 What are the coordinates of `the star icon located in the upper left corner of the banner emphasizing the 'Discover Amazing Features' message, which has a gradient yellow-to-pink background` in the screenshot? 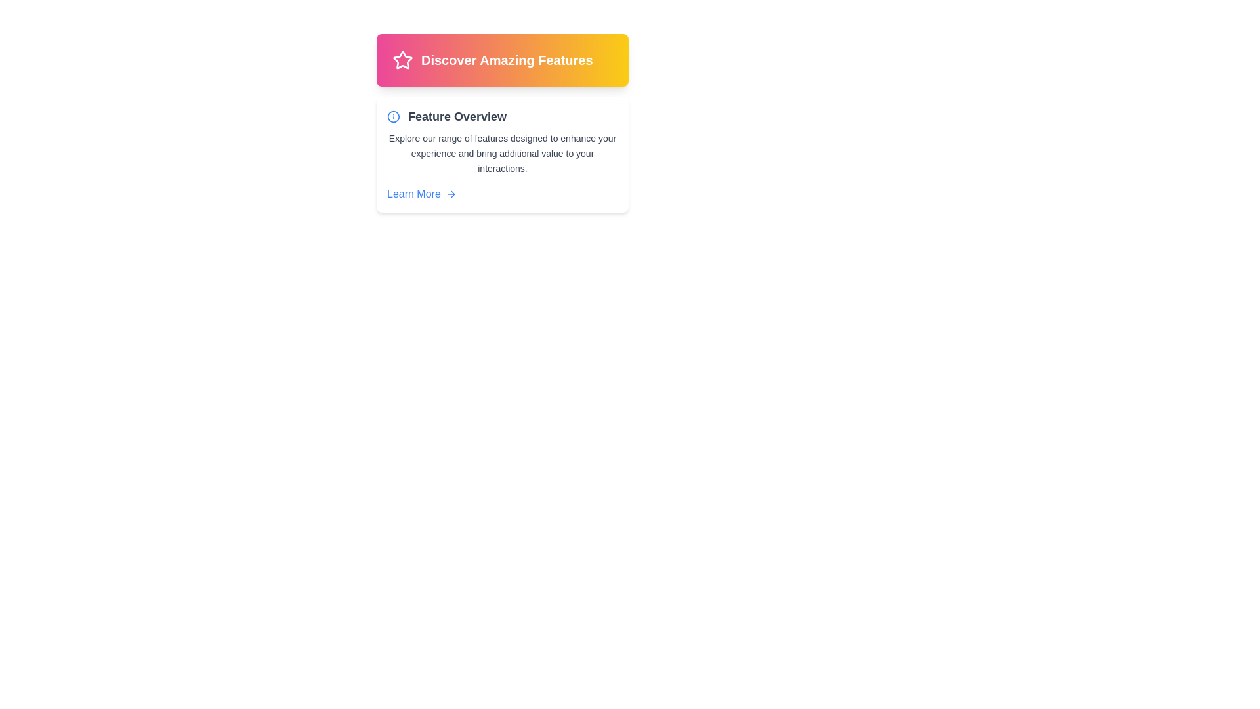 It's located at (402, 60).